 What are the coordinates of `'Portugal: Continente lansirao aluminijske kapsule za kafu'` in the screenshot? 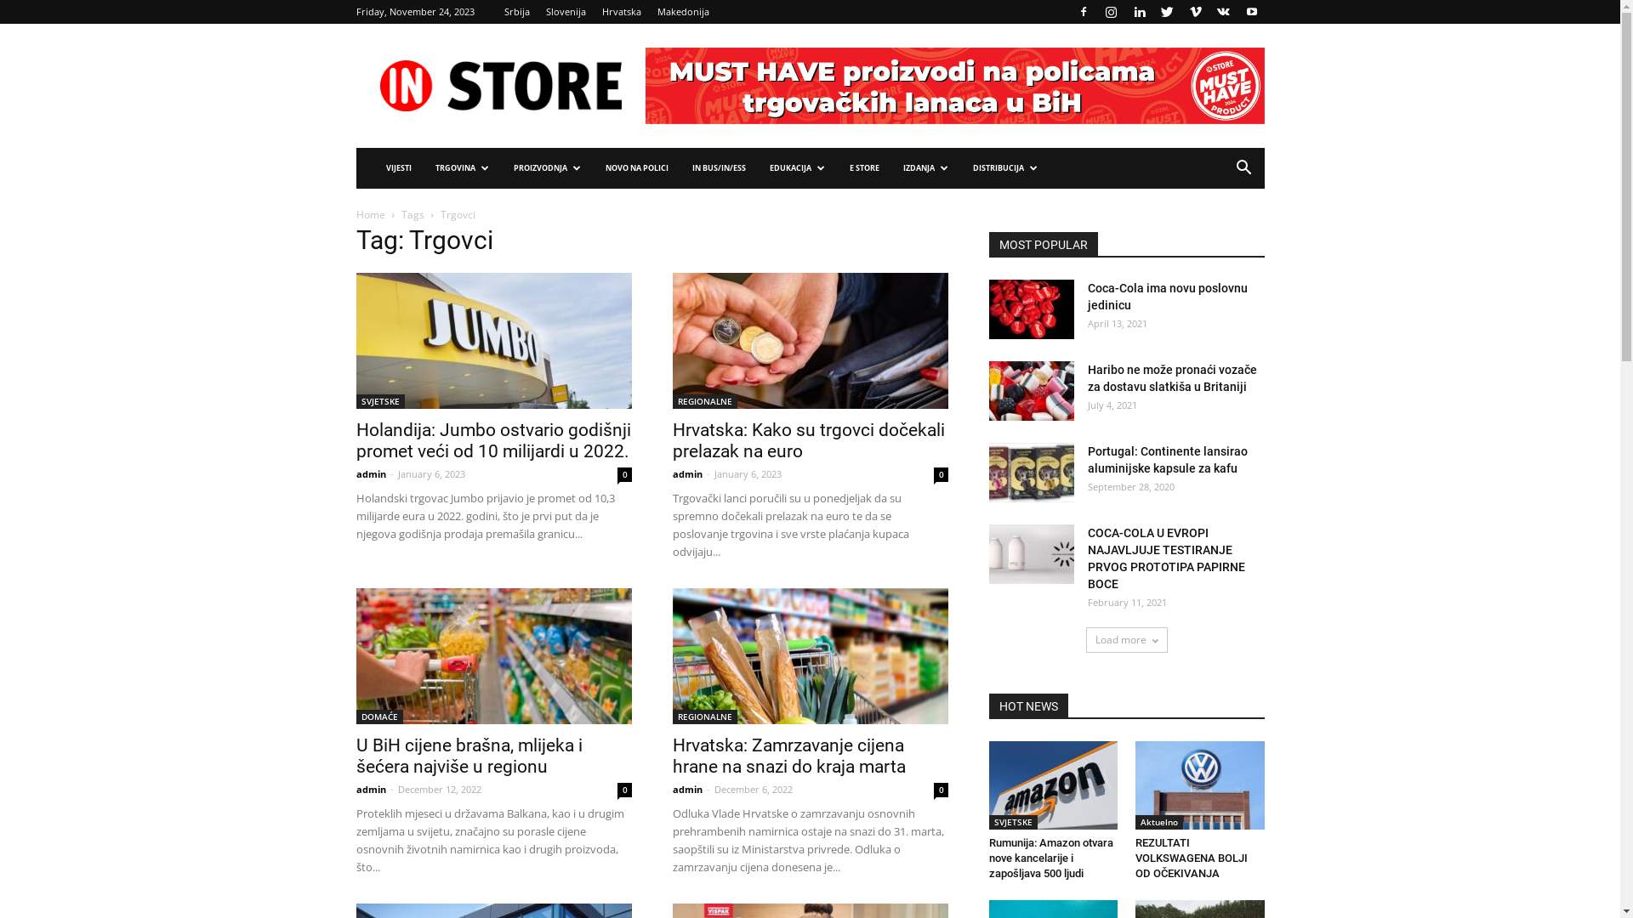 It's located at (1085, 459).